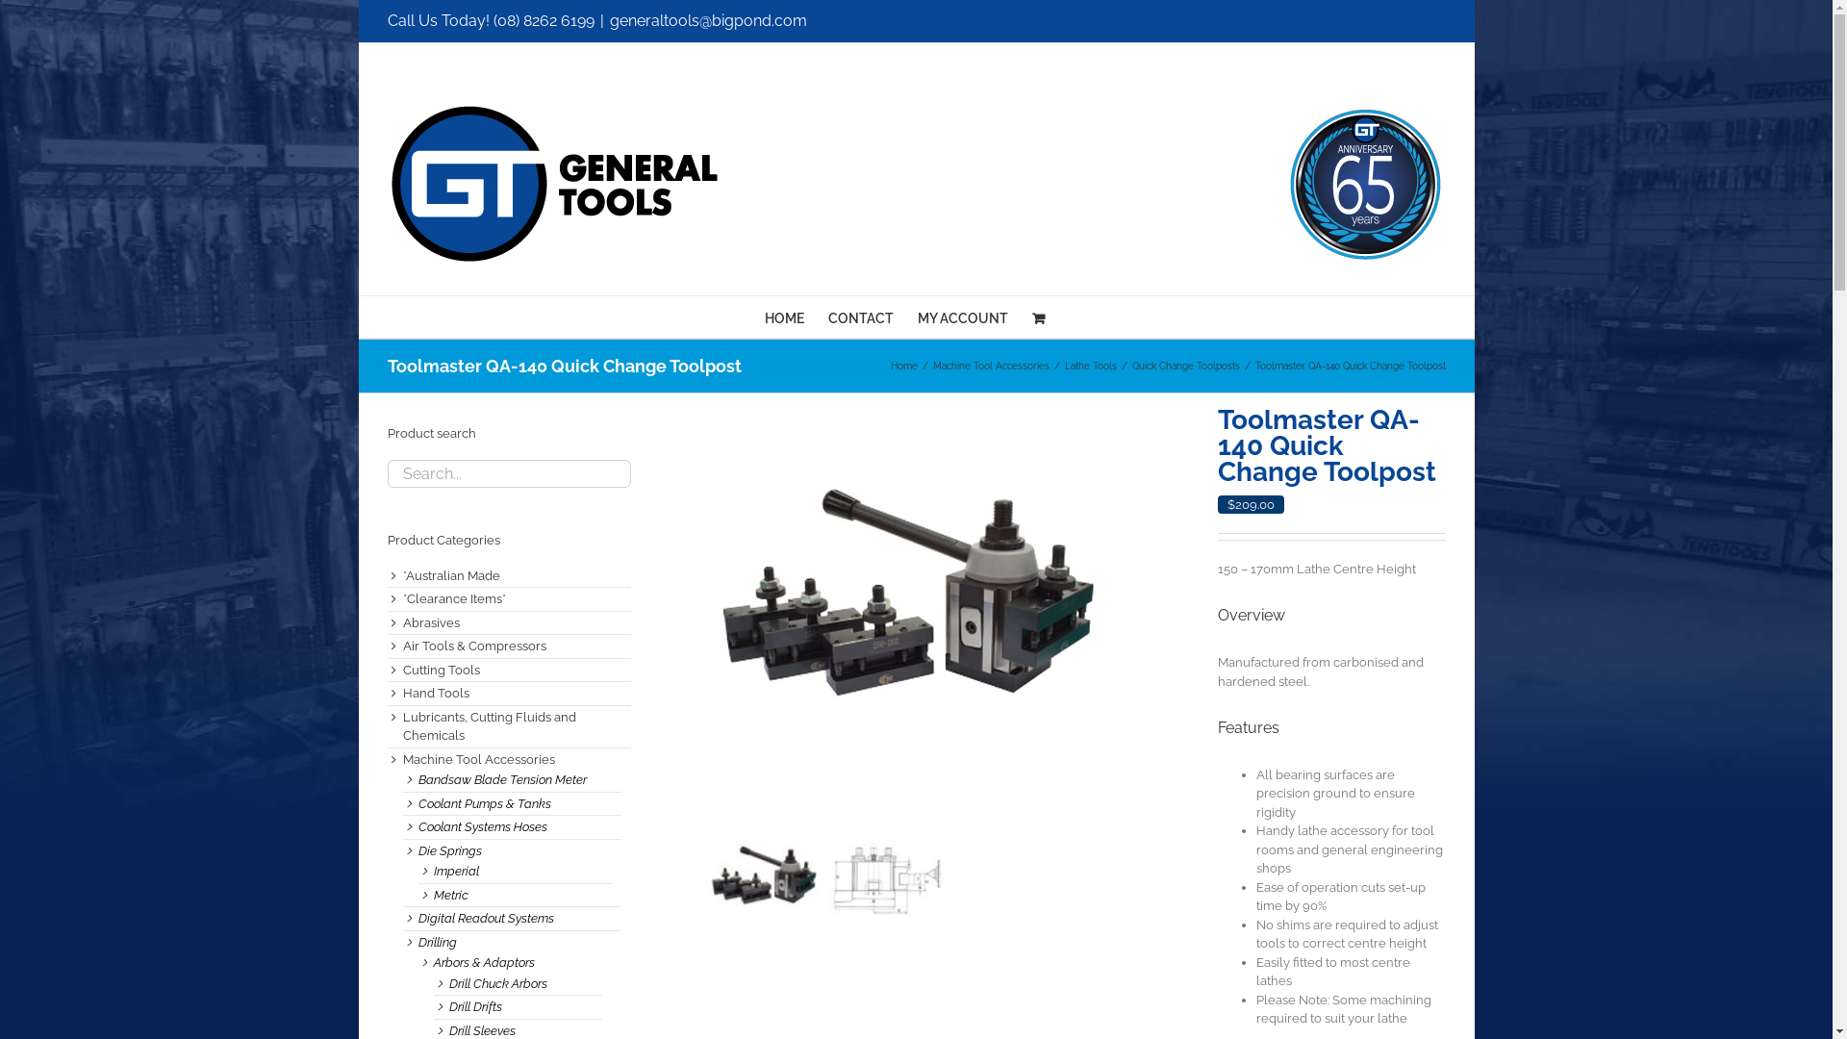  I want to click on 'Cutting Tools', so click(439, 669).